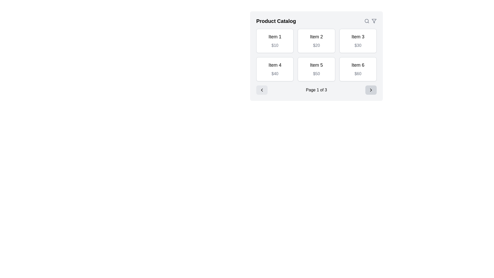  What do you see at coordinates (374, 21) in the screenshot?
I see `the funnel-shaped filter icon located to the right of the search icon at the top-right corner of the interface` at bounding box center [374, 21].